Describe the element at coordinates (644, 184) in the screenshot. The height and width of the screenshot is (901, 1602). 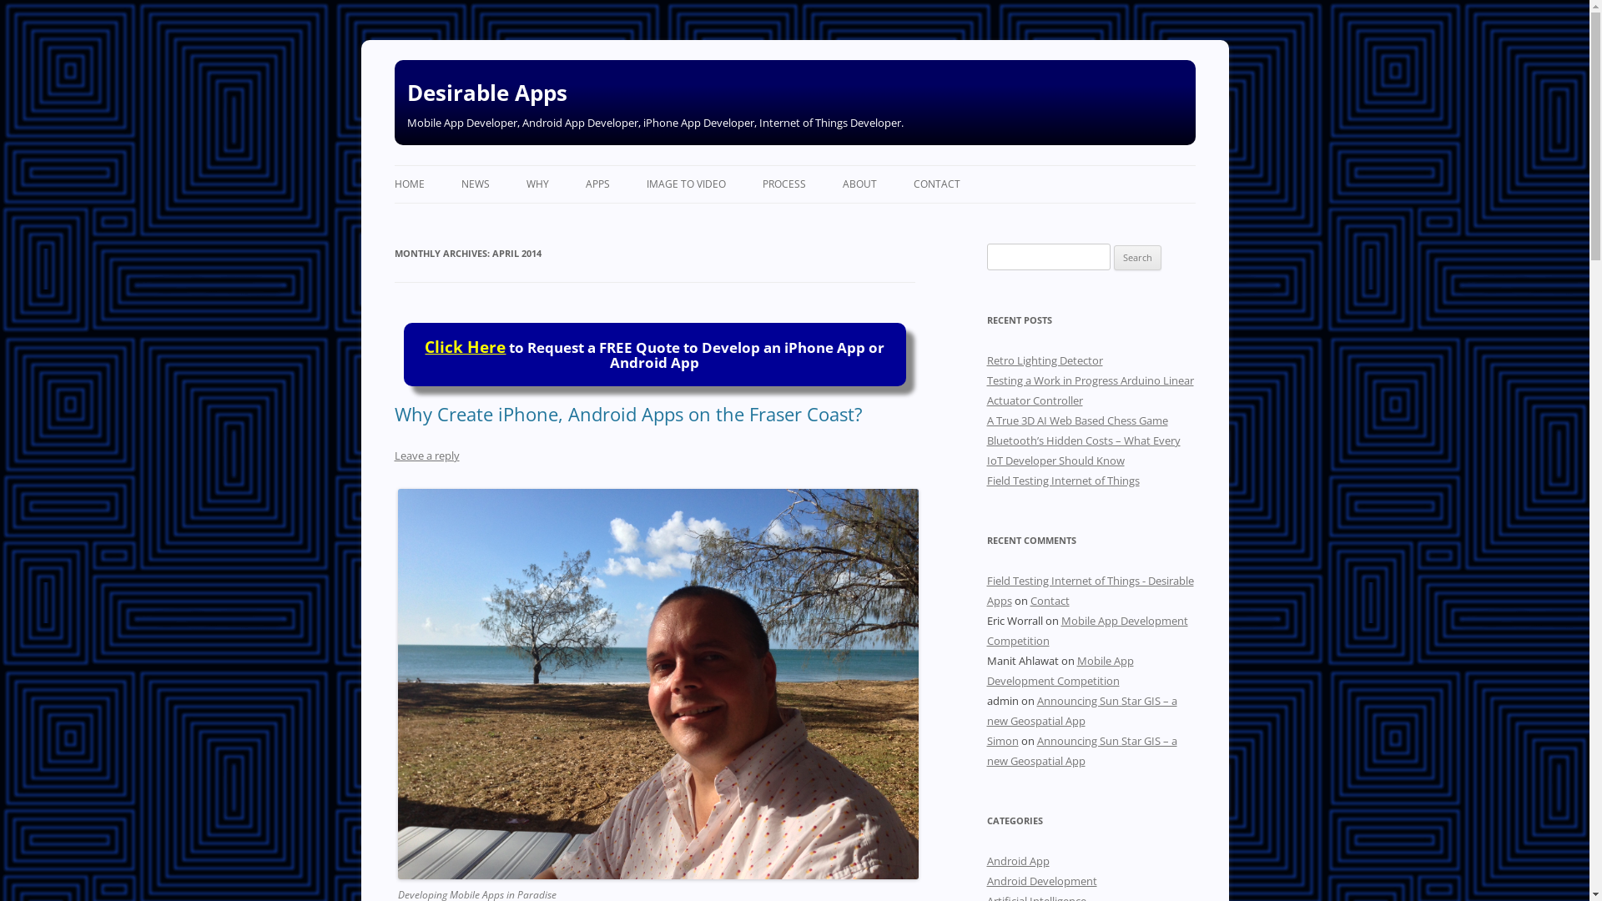
I see `'IMAGE TO VIDEO'` at that location.